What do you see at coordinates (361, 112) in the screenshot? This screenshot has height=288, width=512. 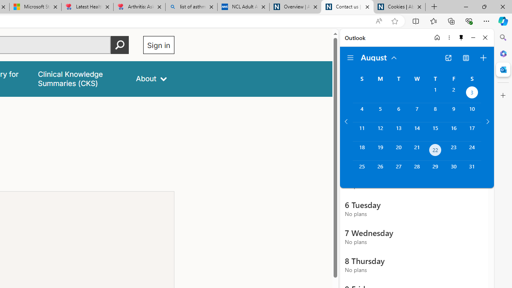 I see `'Sunday, August 4, 2024. '` at bounding box center [361, 112].